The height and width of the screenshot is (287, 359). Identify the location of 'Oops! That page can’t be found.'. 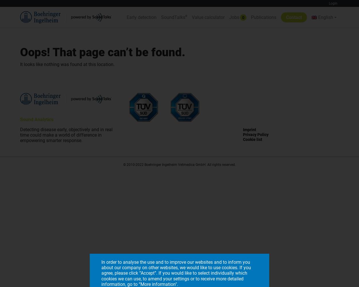
(102, 52).